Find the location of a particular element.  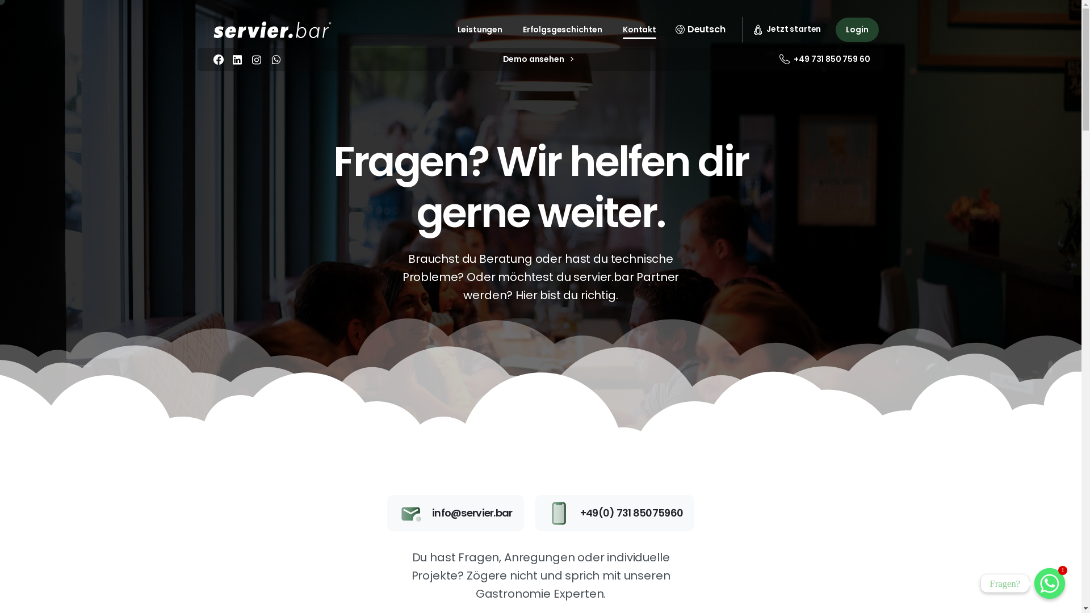

'Kontakt' is located at coordinates (639, 29).